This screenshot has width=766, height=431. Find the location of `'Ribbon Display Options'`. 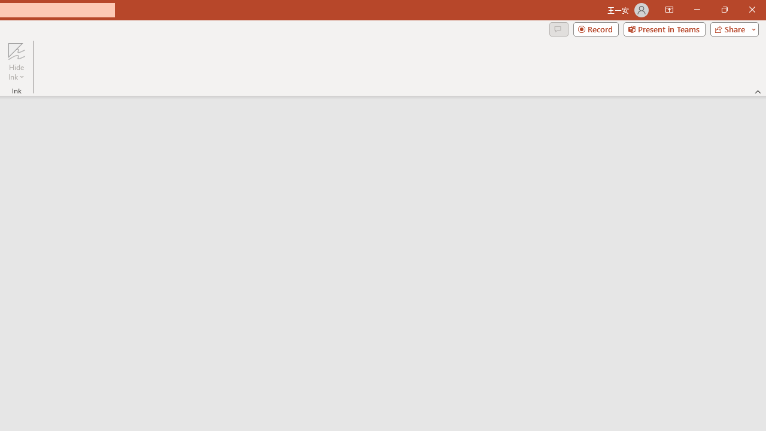

'Ribbon Display Options' is located at coordinates (668, 10).